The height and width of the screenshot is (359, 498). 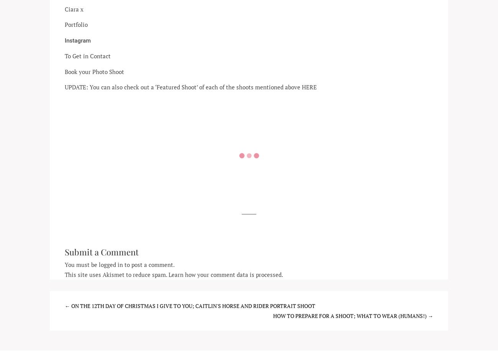 What do you see at coordinates (224, 274) in the screenshot?
I see `'Learn how your comment data is processed'` at bounding box center [224, 274].